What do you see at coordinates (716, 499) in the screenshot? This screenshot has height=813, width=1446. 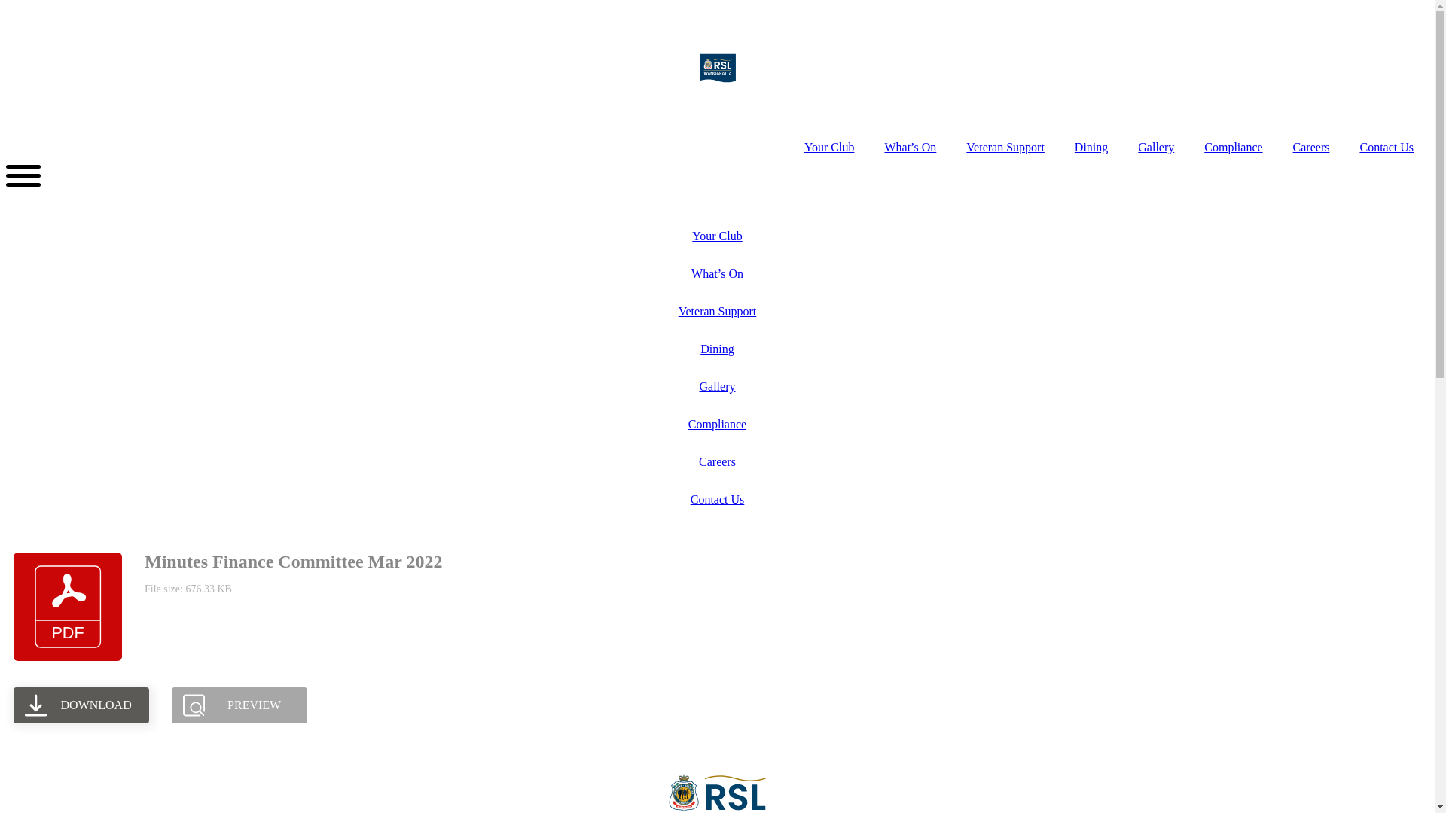 I see `'Contact Us'` at bounding box center [716, 499].